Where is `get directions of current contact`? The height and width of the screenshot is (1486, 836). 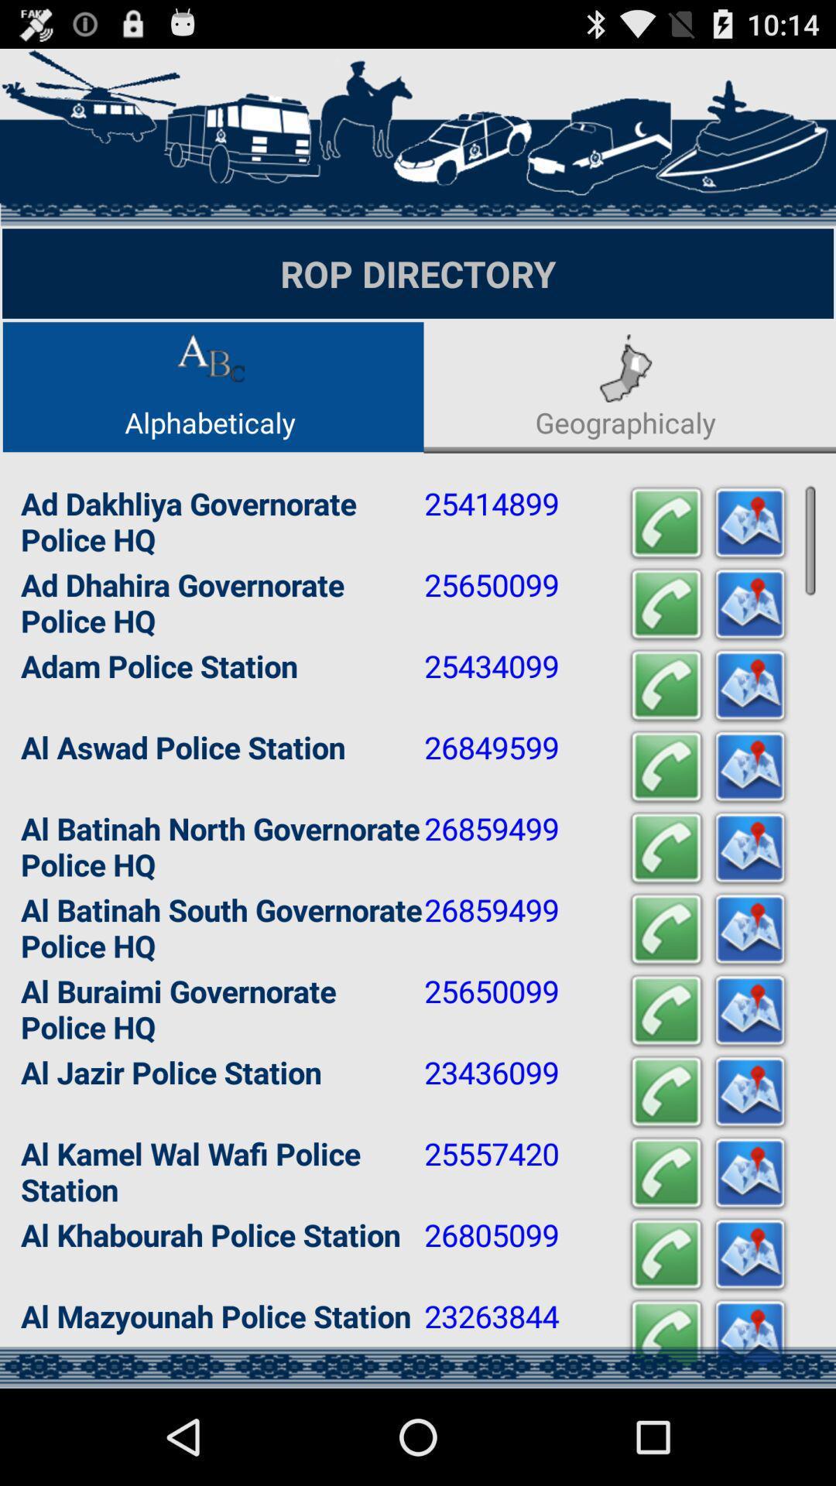 get directions of current contact is located at coordinates (749, 604).